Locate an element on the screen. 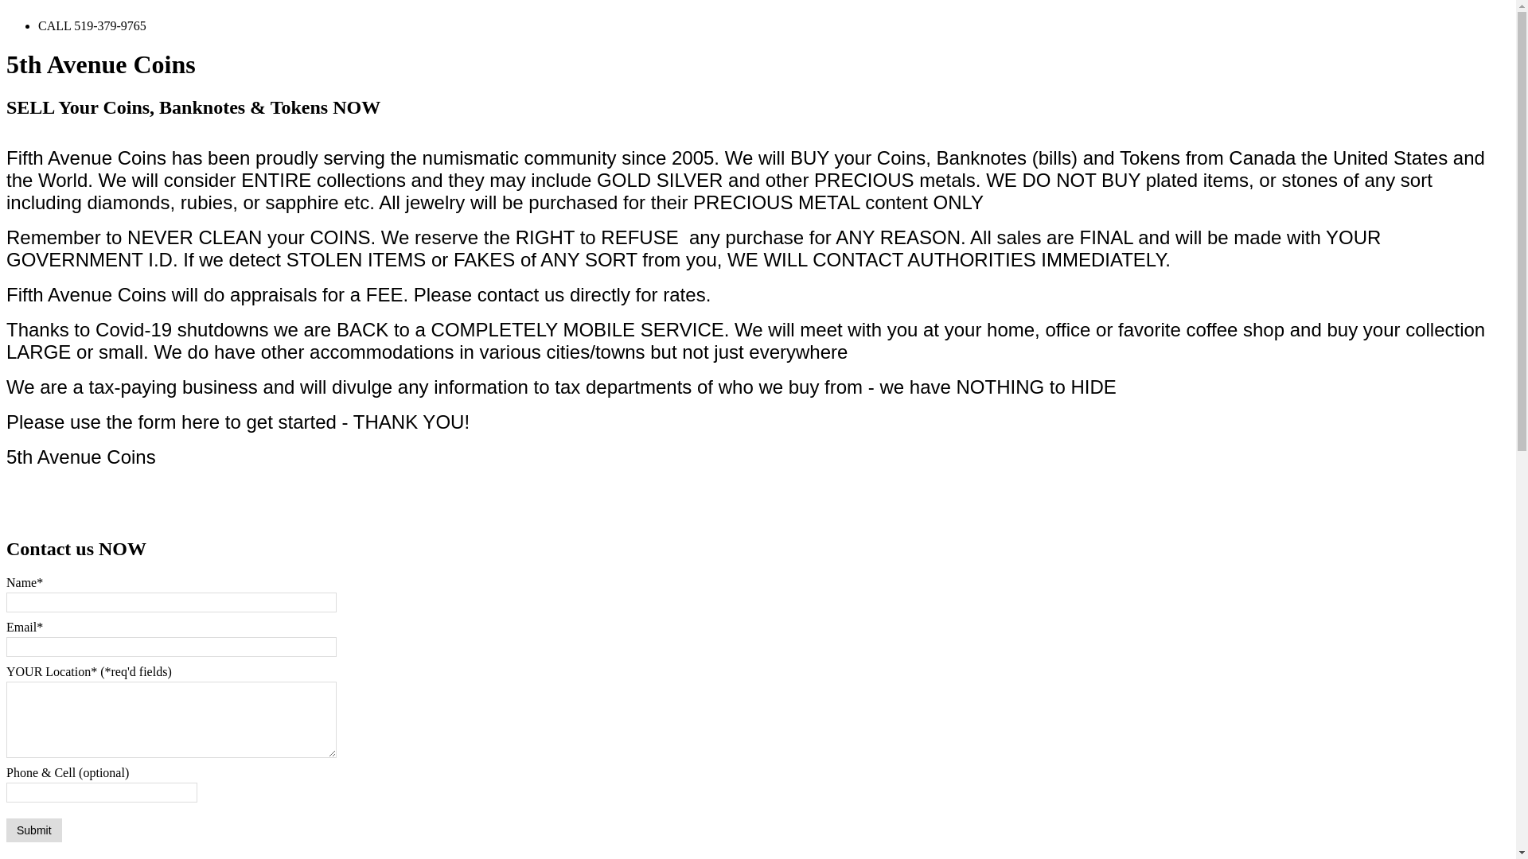  'CALL 519-379-9765' is located at coordinates (91, 25).